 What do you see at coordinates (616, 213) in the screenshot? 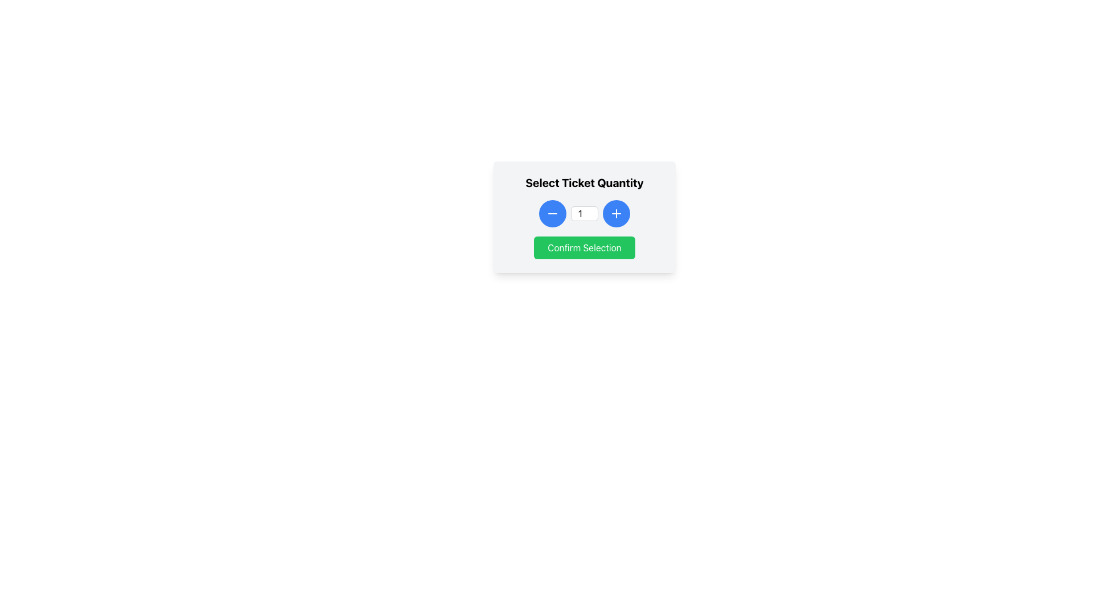
I see `the increment button located to the right of the numeric input field for keyboard interaction` at bounding box center [616, 213].